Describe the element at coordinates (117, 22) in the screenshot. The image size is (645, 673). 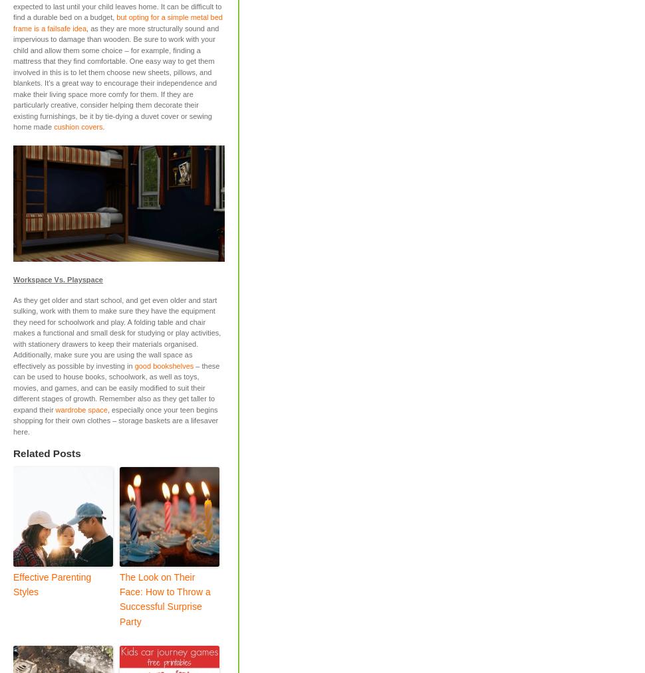
I see `'but opting for a simple metal bed frame is a failsafe idea'` at that location.